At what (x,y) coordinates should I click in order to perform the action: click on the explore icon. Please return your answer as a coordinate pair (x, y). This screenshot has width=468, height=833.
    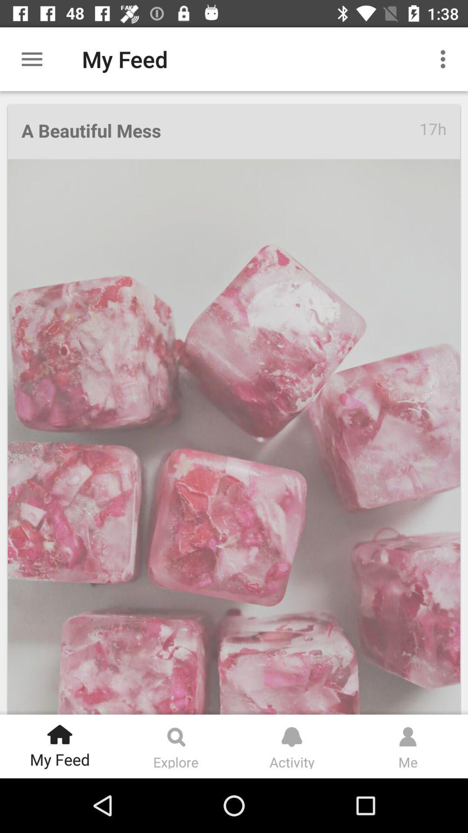
    Looking at the image, I should click on (175, 732).